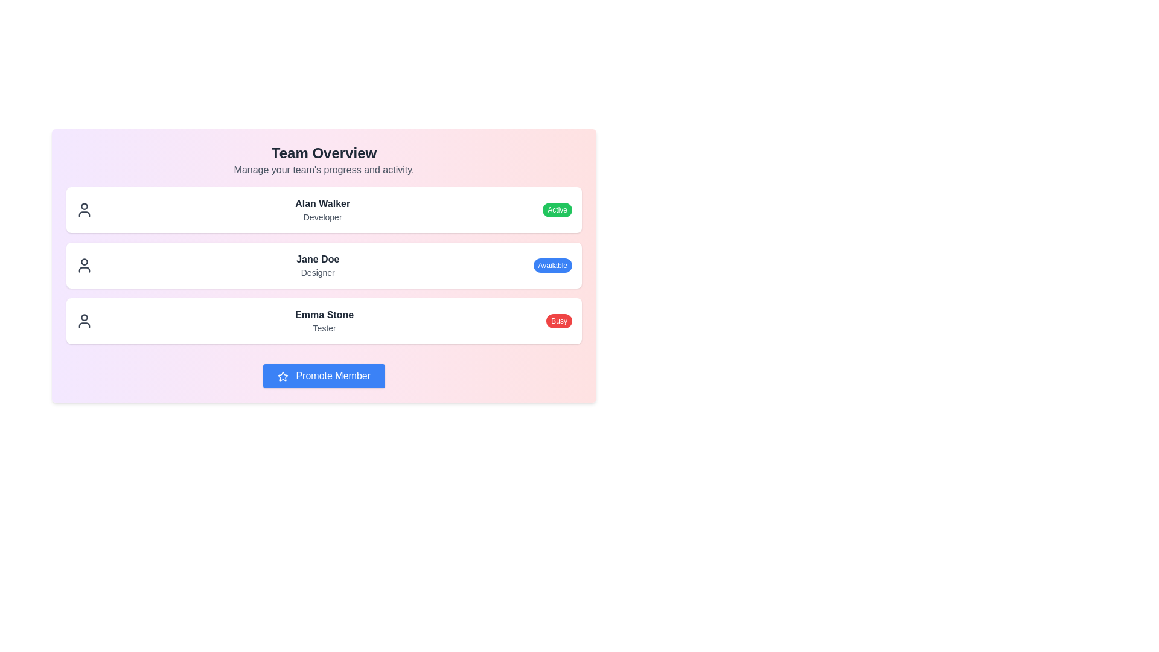  Describe the element at coordinates (322, 216) in the screenshot. I see `the 'Developer' text label, which indicates the user's role, located directly below 'Alan Walker' in the user card at the center of the interface` at that location.